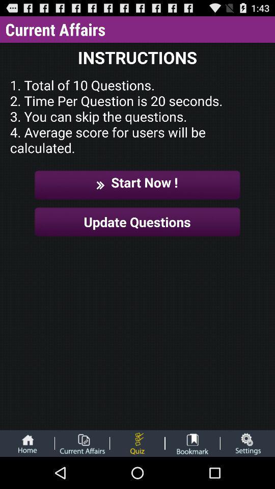 This screenshot has height=489, width=275. Describe the element at coordinates (247, 443) in the screenshot. I see `the button below the update questions item` at that location.